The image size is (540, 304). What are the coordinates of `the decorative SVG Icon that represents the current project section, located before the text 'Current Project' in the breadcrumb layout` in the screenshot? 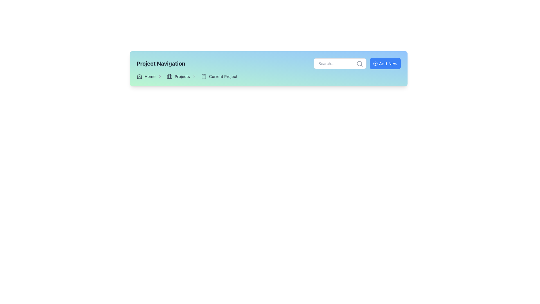 It's located at (204, 77).